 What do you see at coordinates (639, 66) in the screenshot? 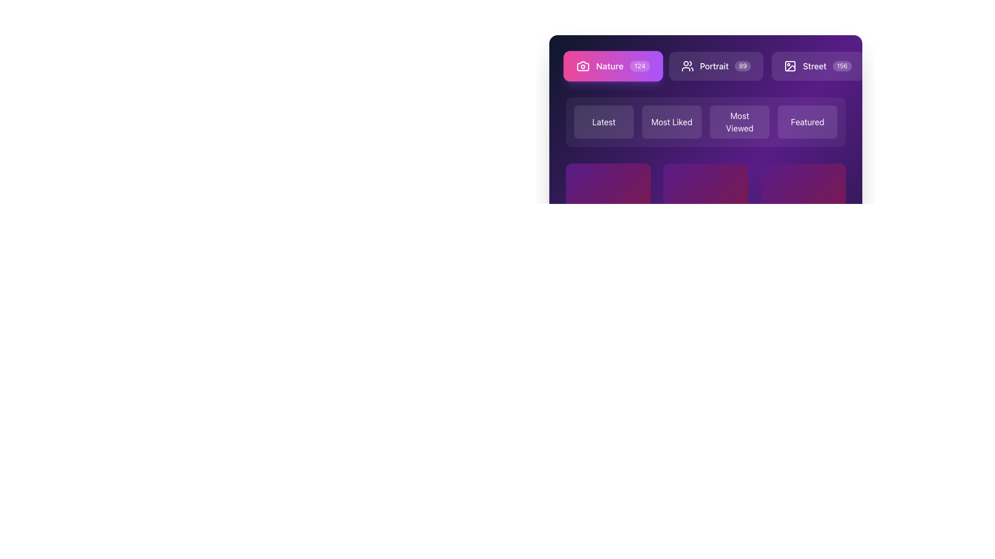
I see `the badge or notification counter located to the right of the 'Nature' text in the top horizontal navigation bar` at bounding box center [639, 66].